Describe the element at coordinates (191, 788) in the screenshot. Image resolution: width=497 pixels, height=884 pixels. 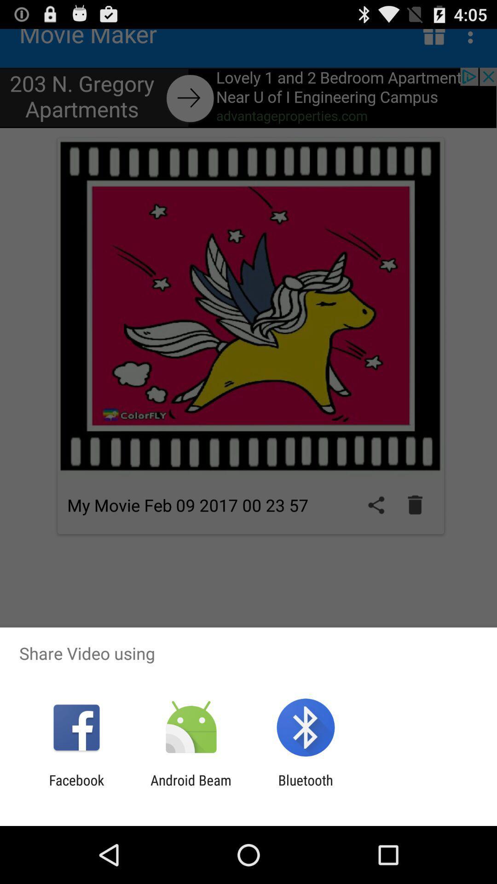
I see `the item next to the facebook item` at that location.